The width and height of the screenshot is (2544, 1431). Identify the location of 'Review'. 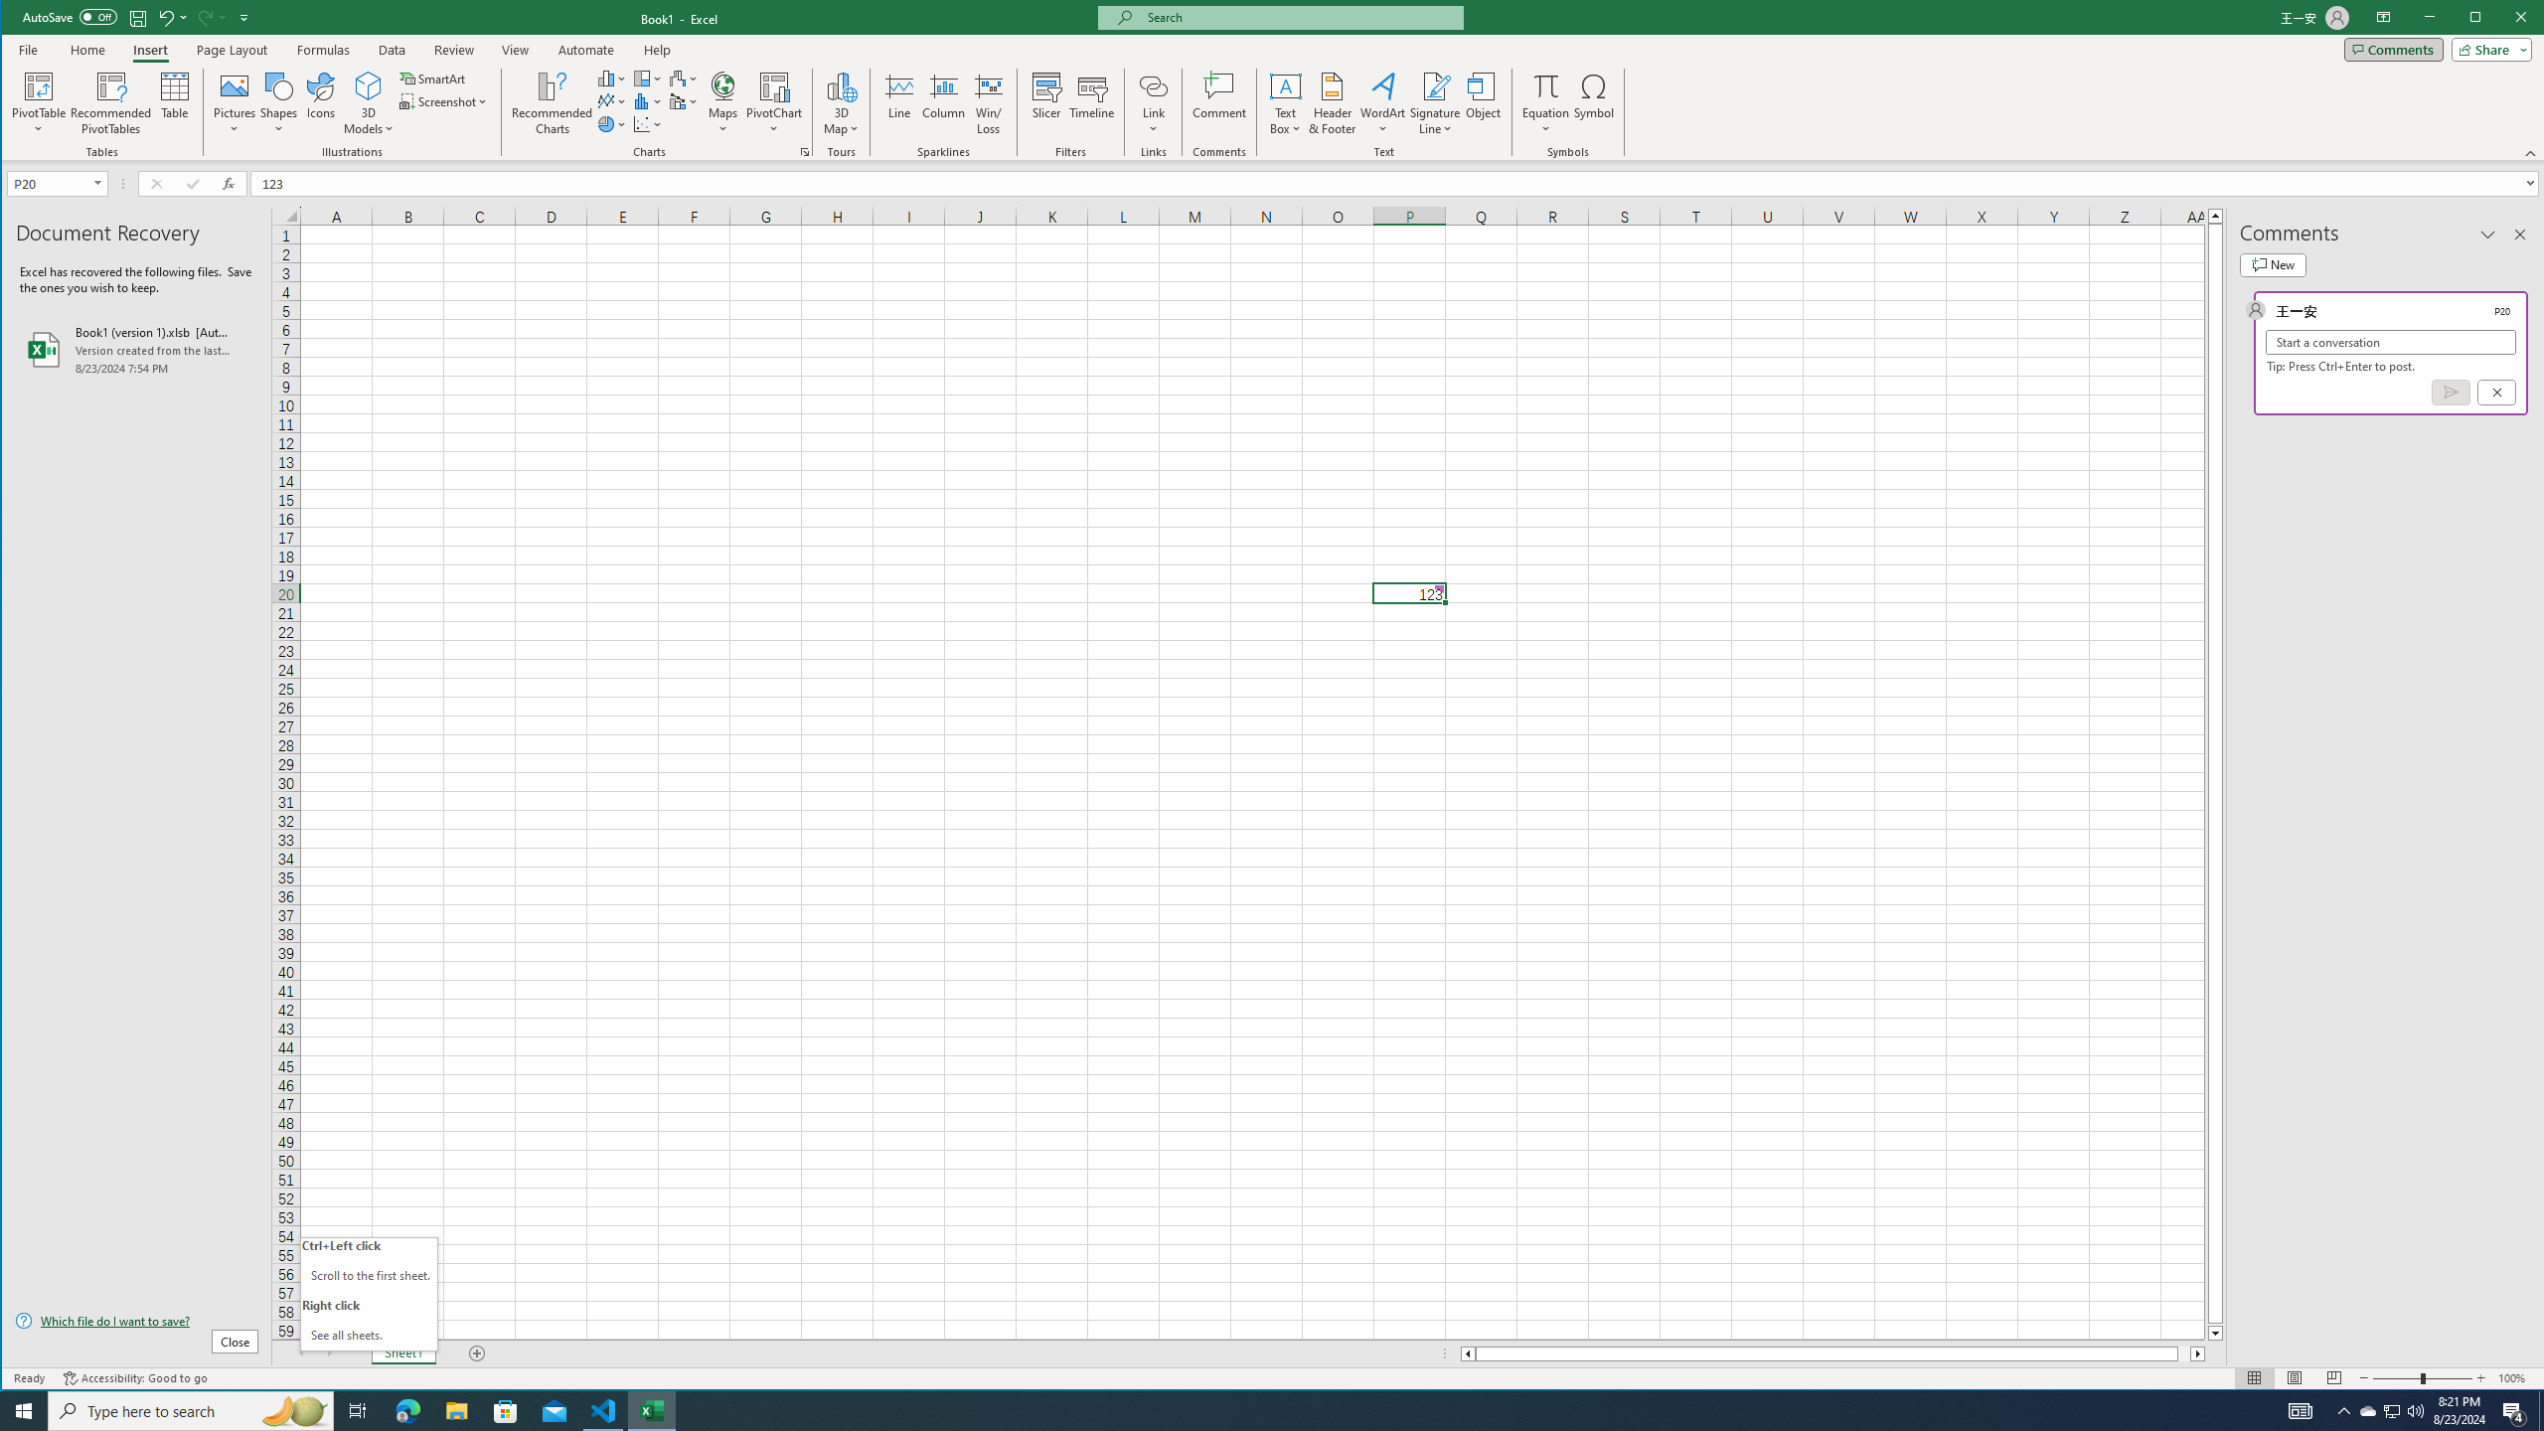
(453, 49).